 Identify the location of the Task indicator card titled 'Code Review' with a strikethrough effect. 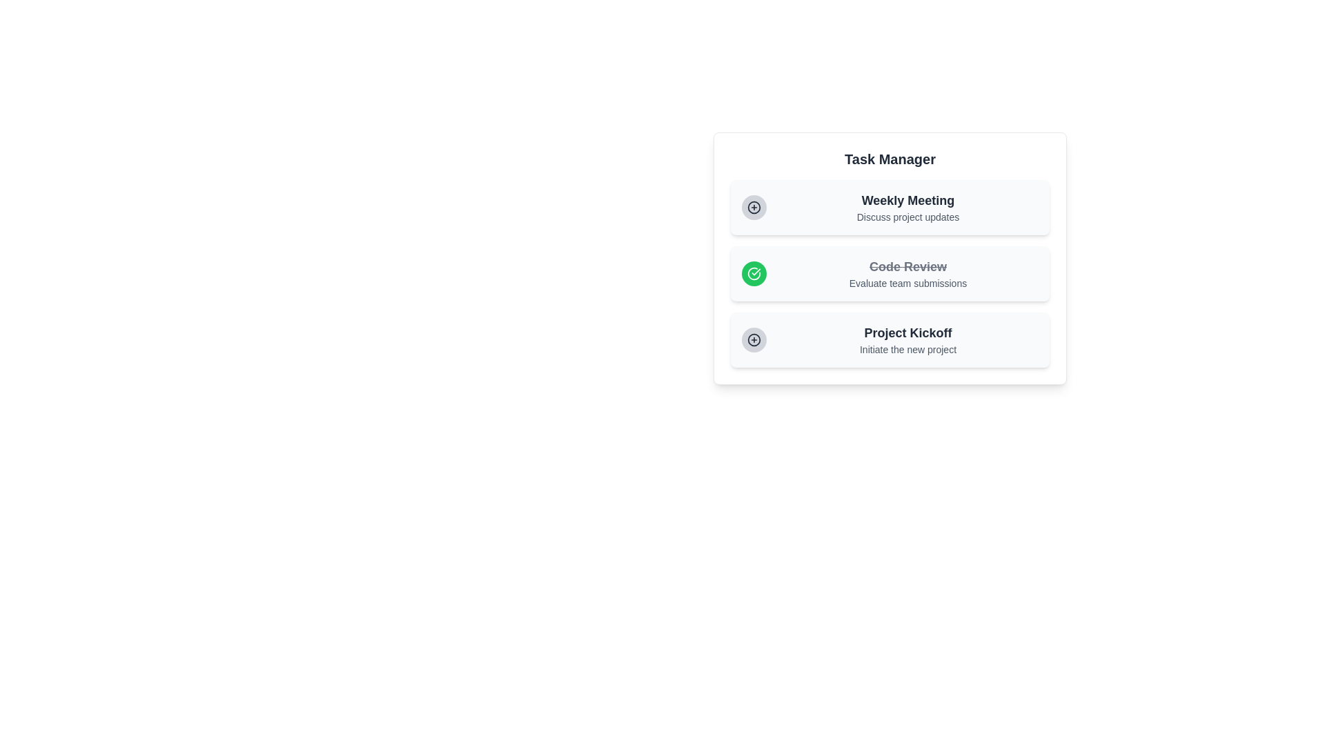
(890, 258).